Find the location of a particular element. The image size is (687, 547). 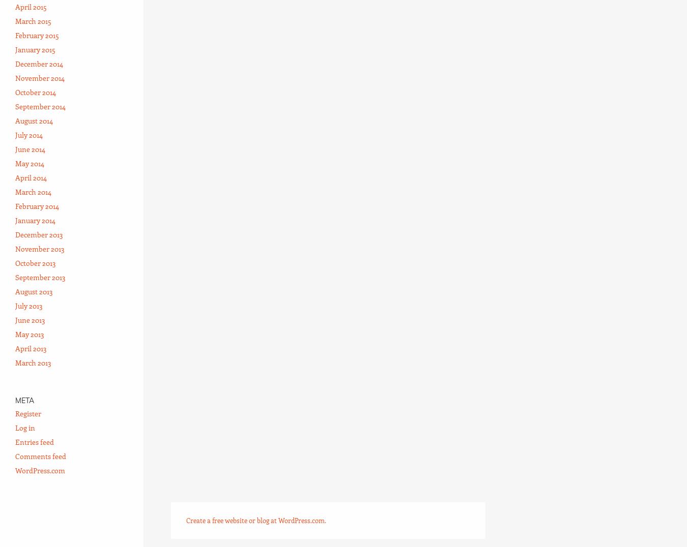

'July 2013' is located at coordinates (28, 305).